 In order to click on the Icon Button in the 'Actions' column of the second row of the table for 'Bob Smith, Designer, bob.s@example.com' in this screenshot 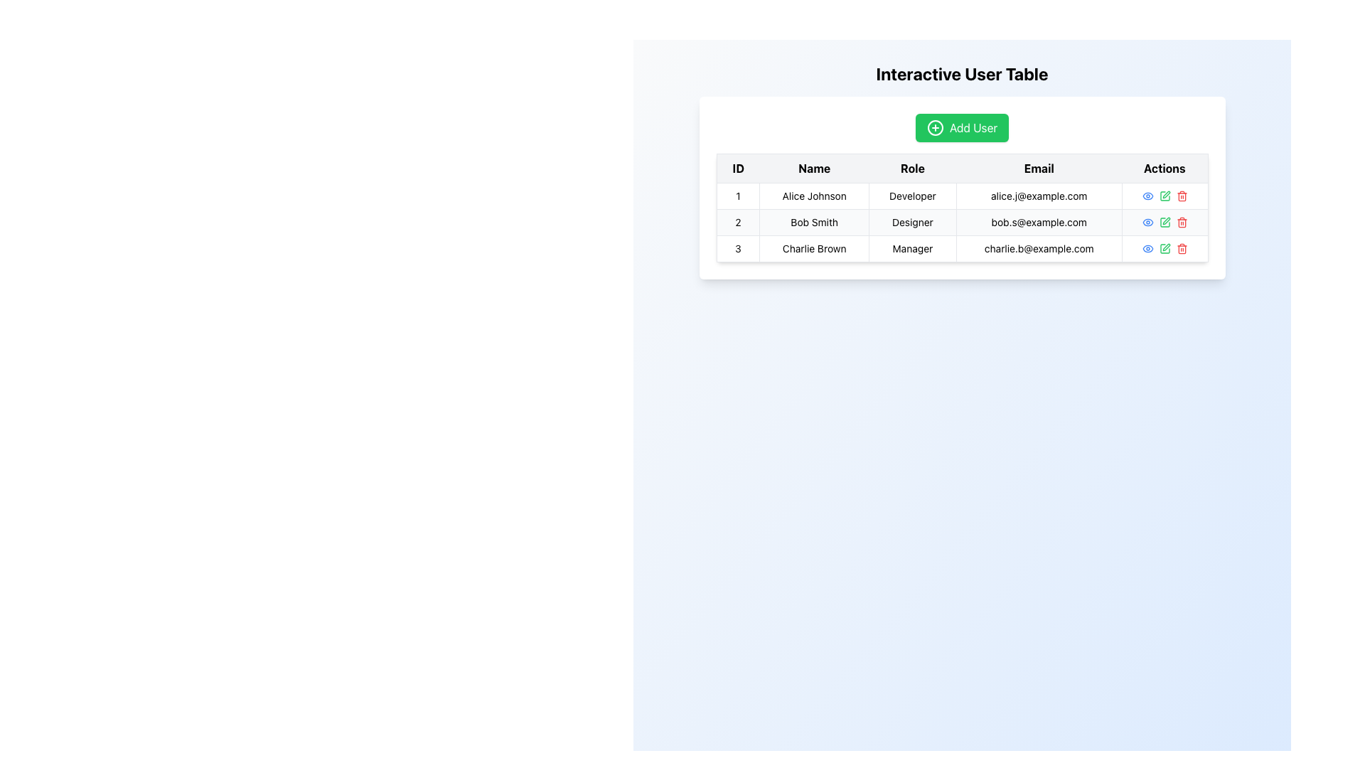, I will do `click(1165, 222)`.